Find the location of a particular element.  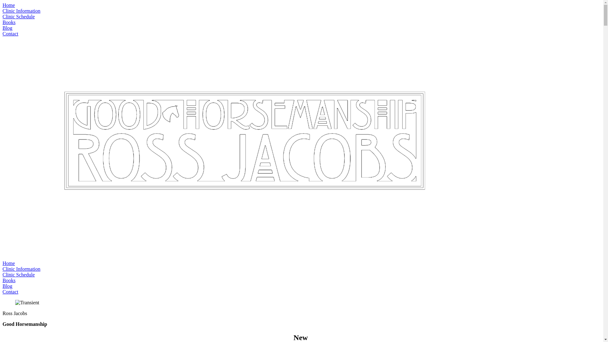

'Home' is located at coordinates (3, 263).